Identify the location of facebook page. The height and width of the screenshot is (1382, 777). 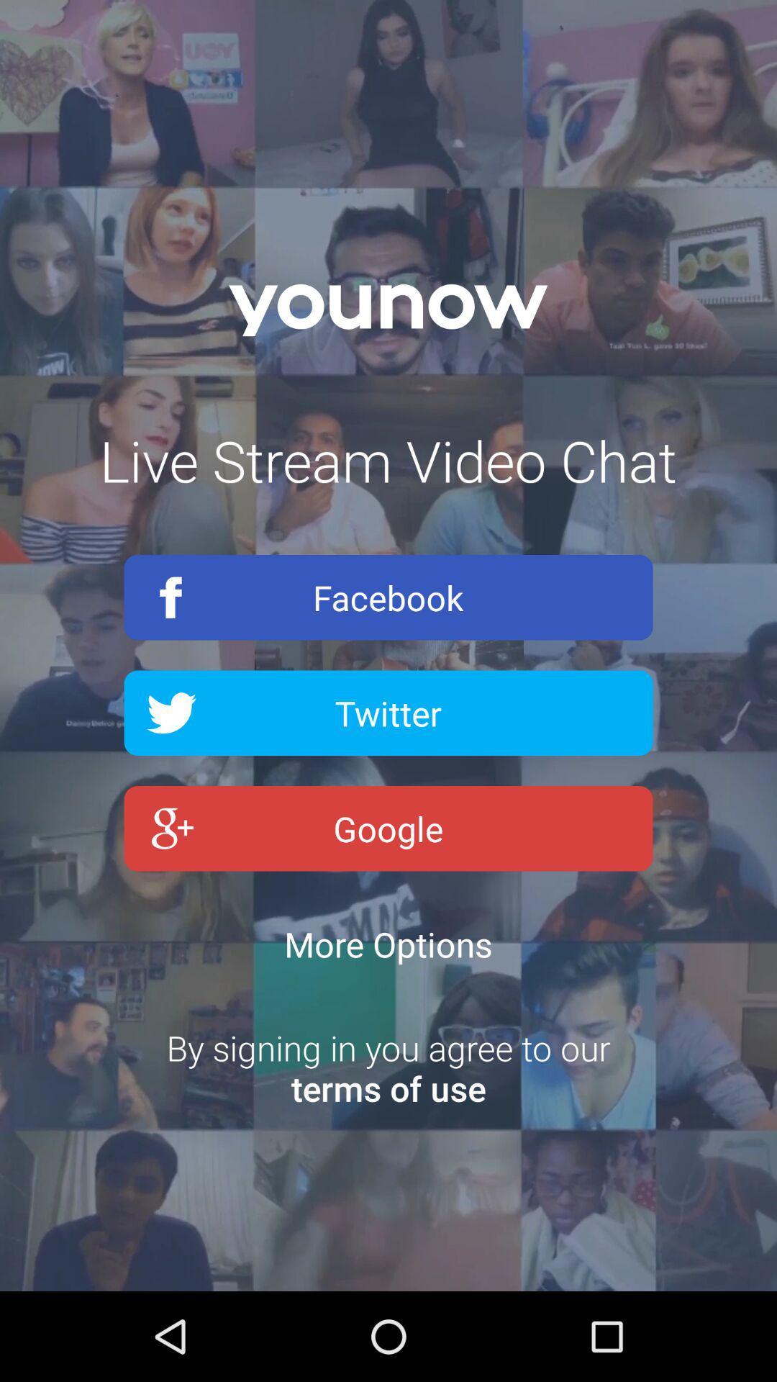
(388, 597).